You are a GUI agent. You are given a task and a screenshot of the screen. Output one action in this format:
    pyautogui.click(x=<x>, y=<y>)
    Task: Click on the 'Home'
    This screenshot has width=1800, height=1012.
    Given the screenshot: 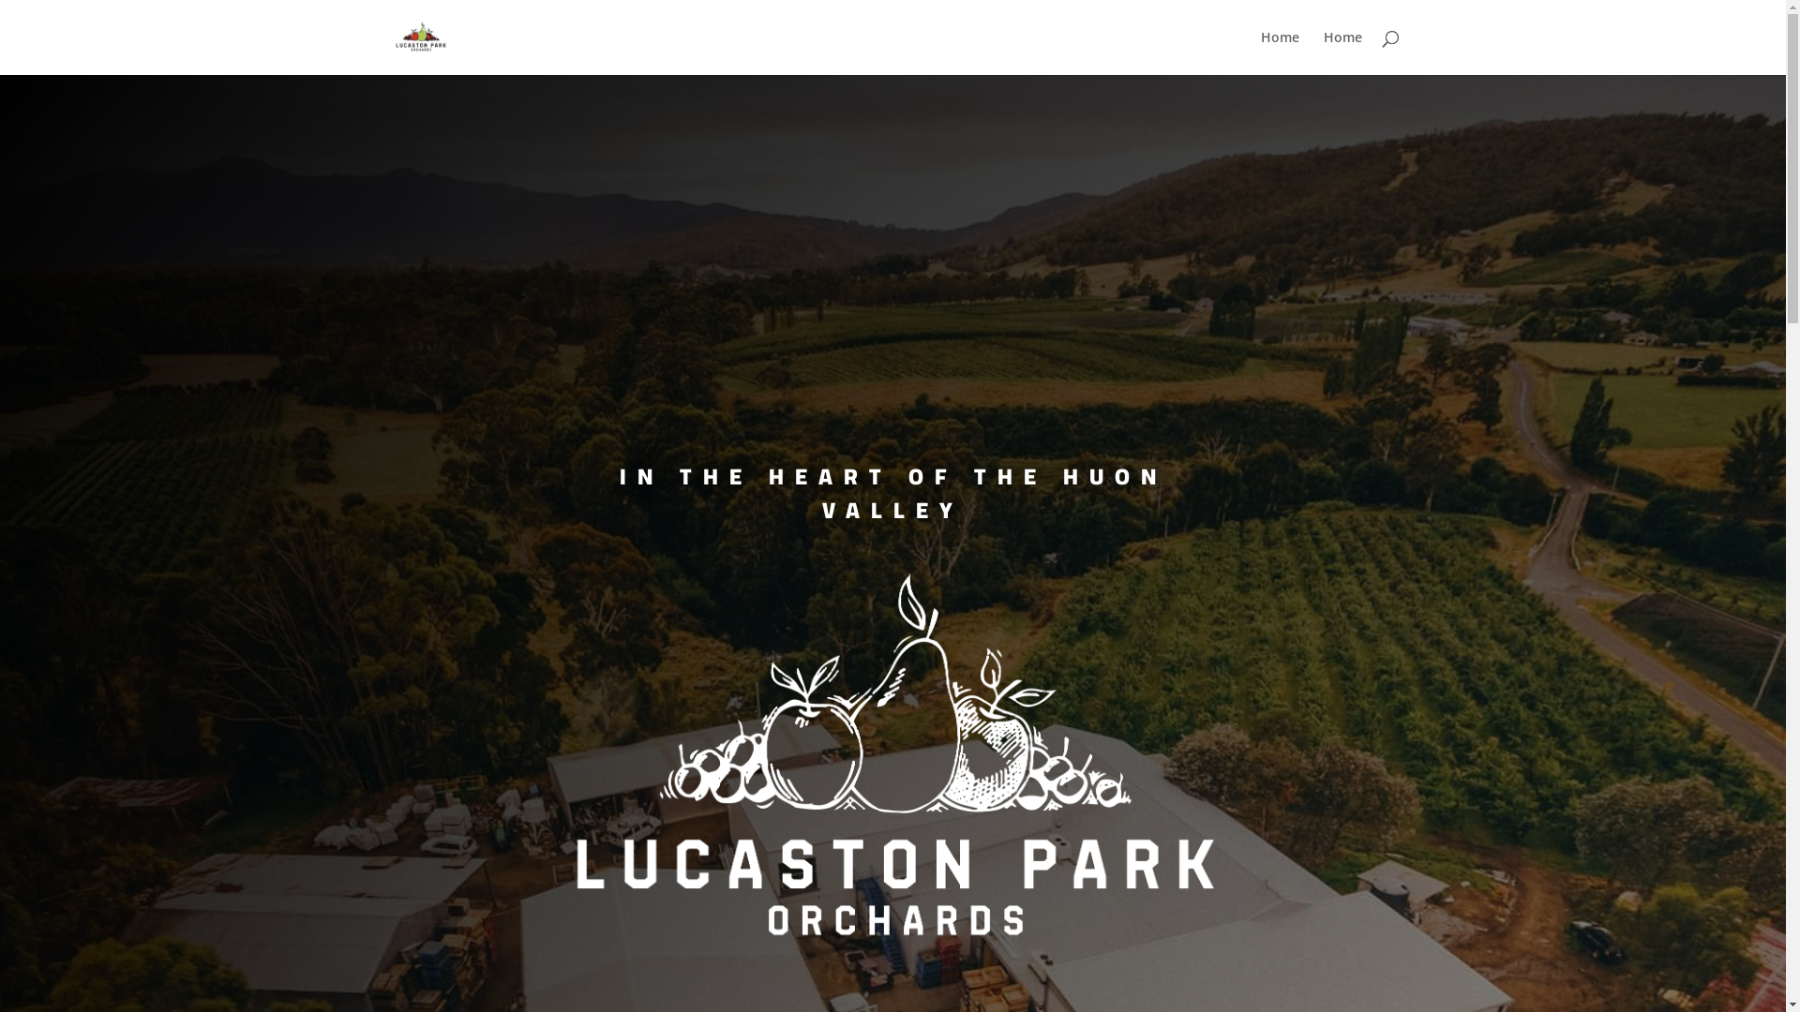 What is the action you would take?
    pyautogui.click(x=1342, y=52)
    